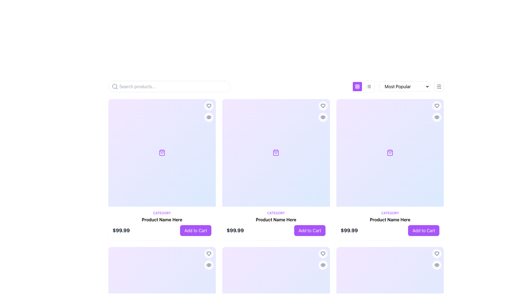  What do you see at coordinates (323, 106) in the screenshot?
I see `the circular button with a white background and dark heart icon at the top-right corner of the second product card to mark the product as a favorite` at bounding box center [323, 106].